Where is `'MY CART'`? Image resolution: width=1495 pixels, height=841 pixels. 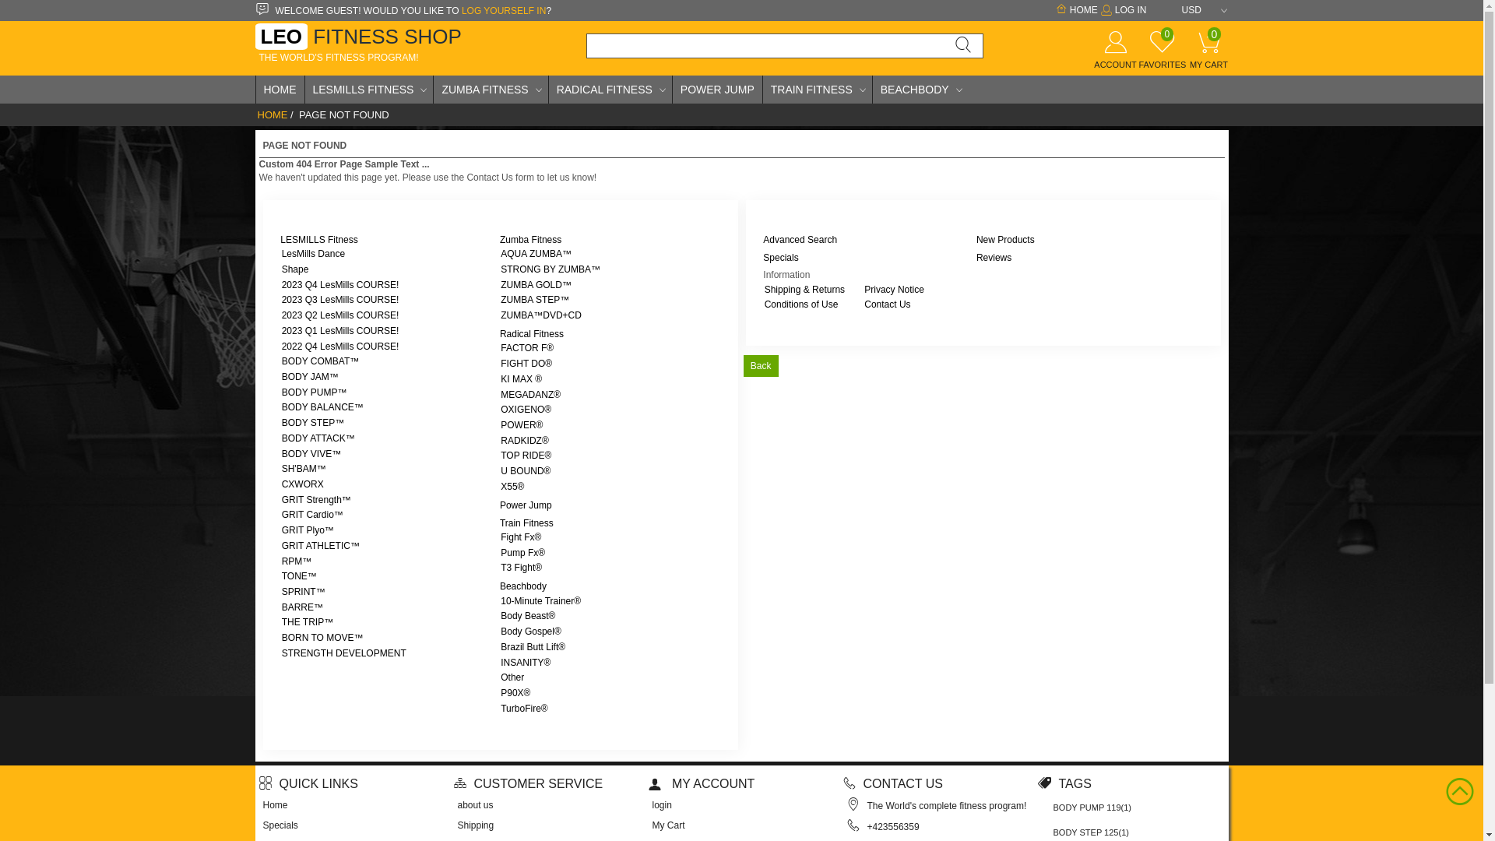
'MY CART' is located at coordinates (1184, 55).